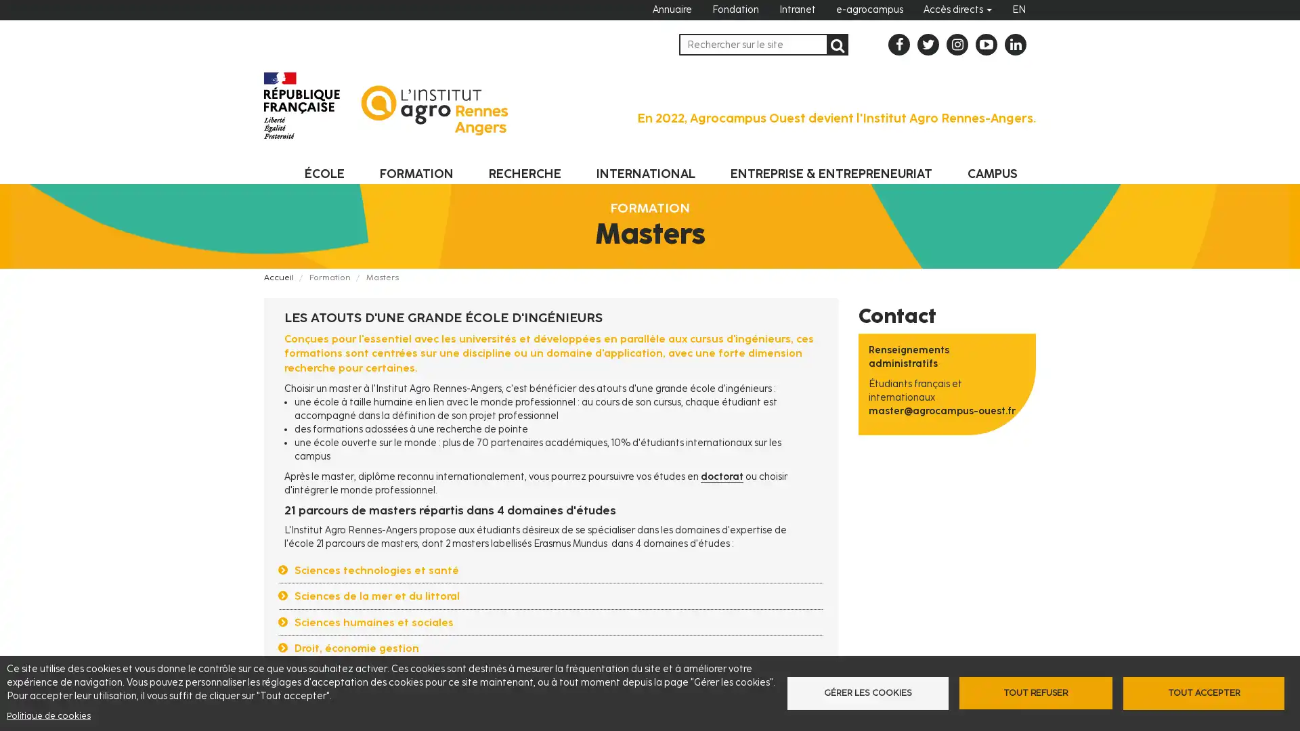 The height and width of the screenshot is (731, 1300). What do you see at coordinates (1199, 692) in the screenshot?
I see `TOUT ACCEPTER` at bounding box center [1199, 692].